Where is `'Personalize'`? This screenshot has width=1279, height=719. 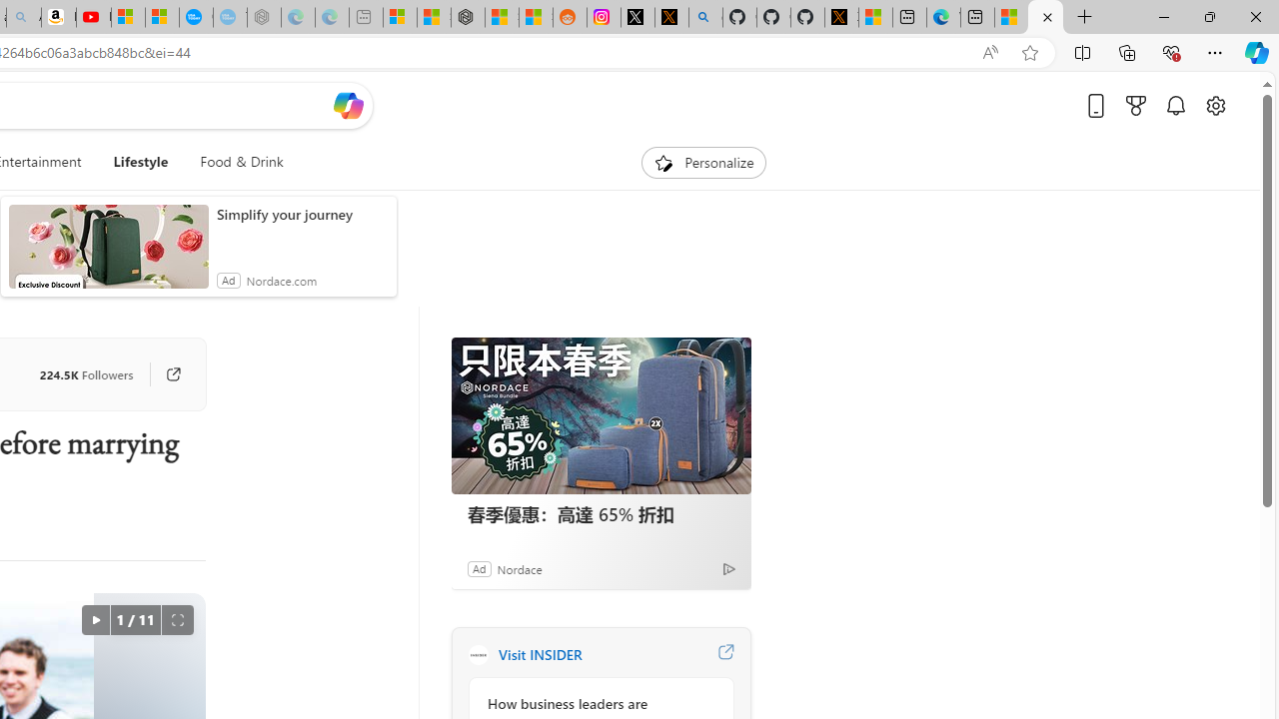 'Personalize' is located at coordinates (703, 162).